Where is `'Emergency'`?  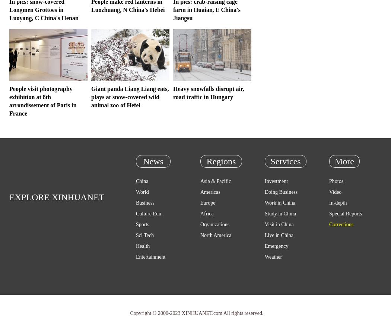
'Emergency' is located at coordinates (264, 246).